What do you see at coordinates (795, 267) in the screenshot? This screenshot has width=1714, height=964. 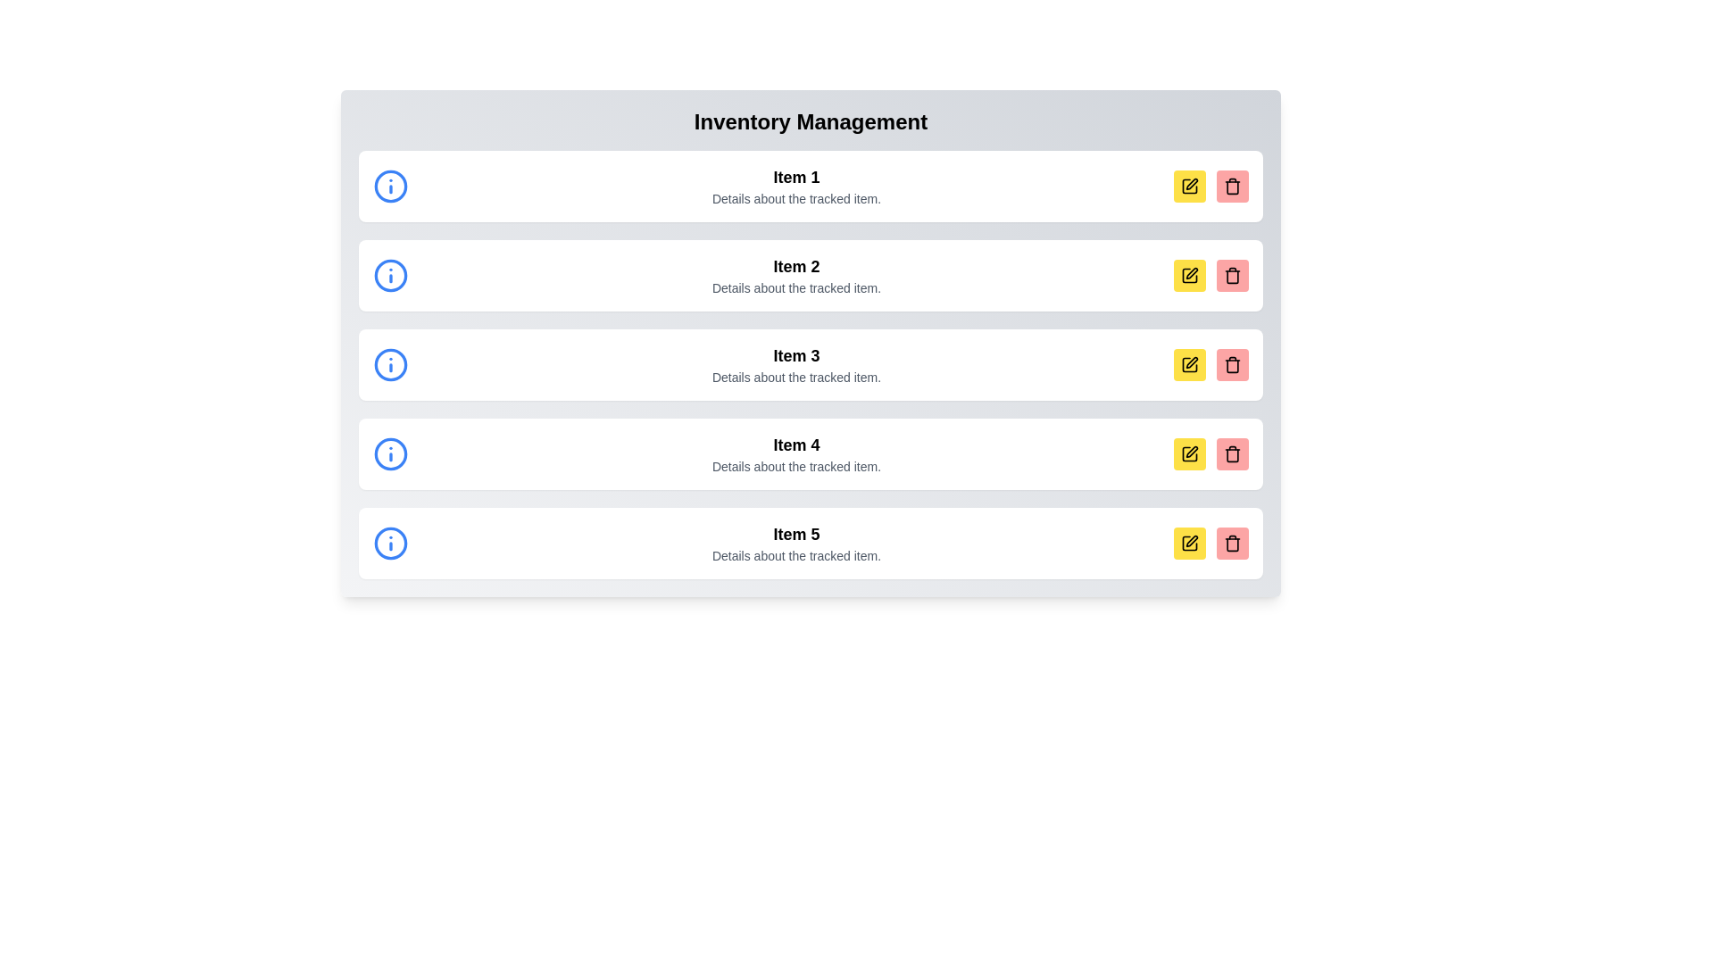 I see `the text label displaying 'Item 2', which is the heading of the second list item in the inventory, adjacent to the 'info' icon and 'edit' and 'delete' buttons` at bounding box center [795, 267].